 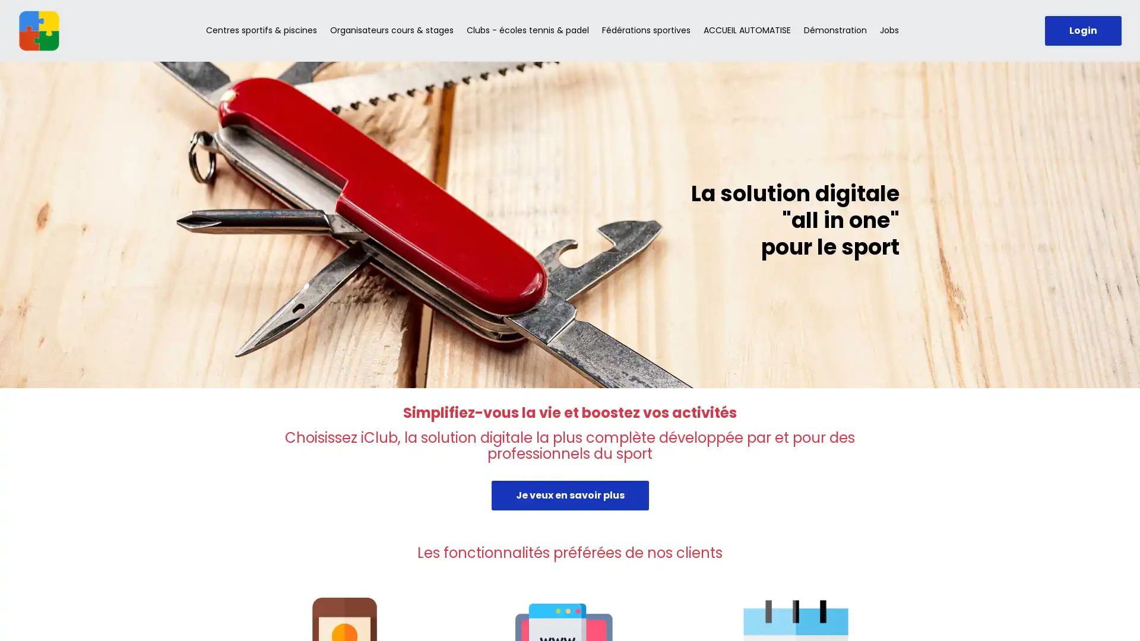 I want to click on Demonstration, so click(x=834, y=30).